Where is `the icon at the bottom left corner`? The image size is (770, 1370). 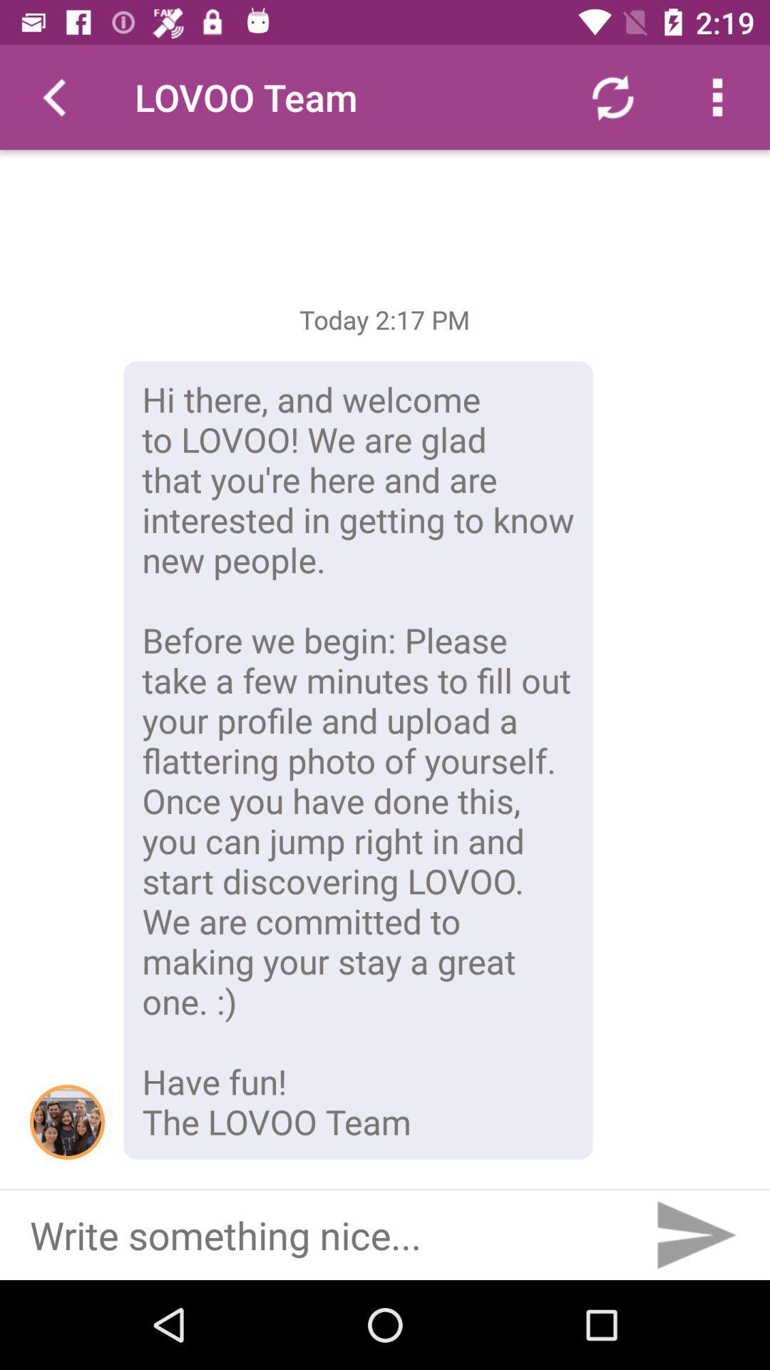
the icon at the bottom left corner is located at coordinates (67, 1121).